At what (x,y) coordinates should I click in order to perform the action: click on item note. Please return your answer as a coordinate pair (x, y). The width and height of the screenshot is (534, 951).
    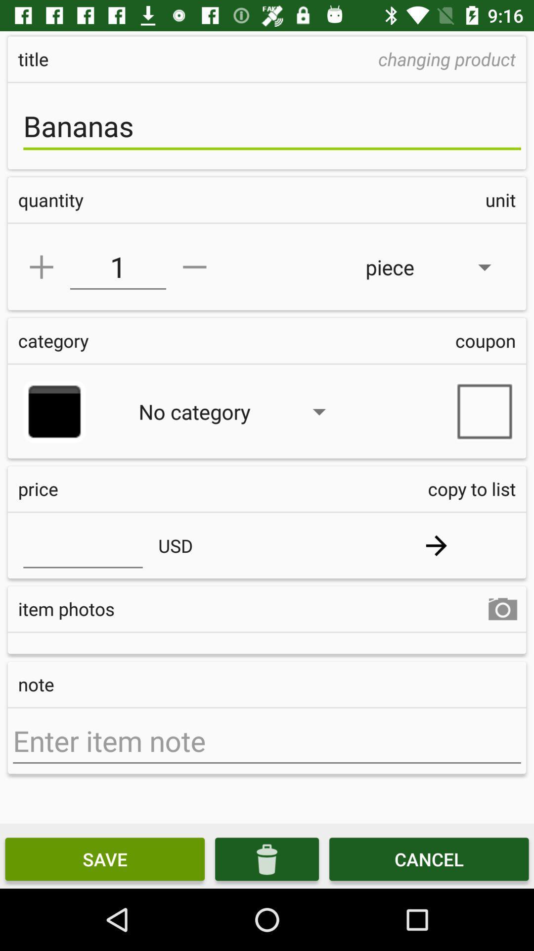
    Looking at the image, I should click on (267, 741).